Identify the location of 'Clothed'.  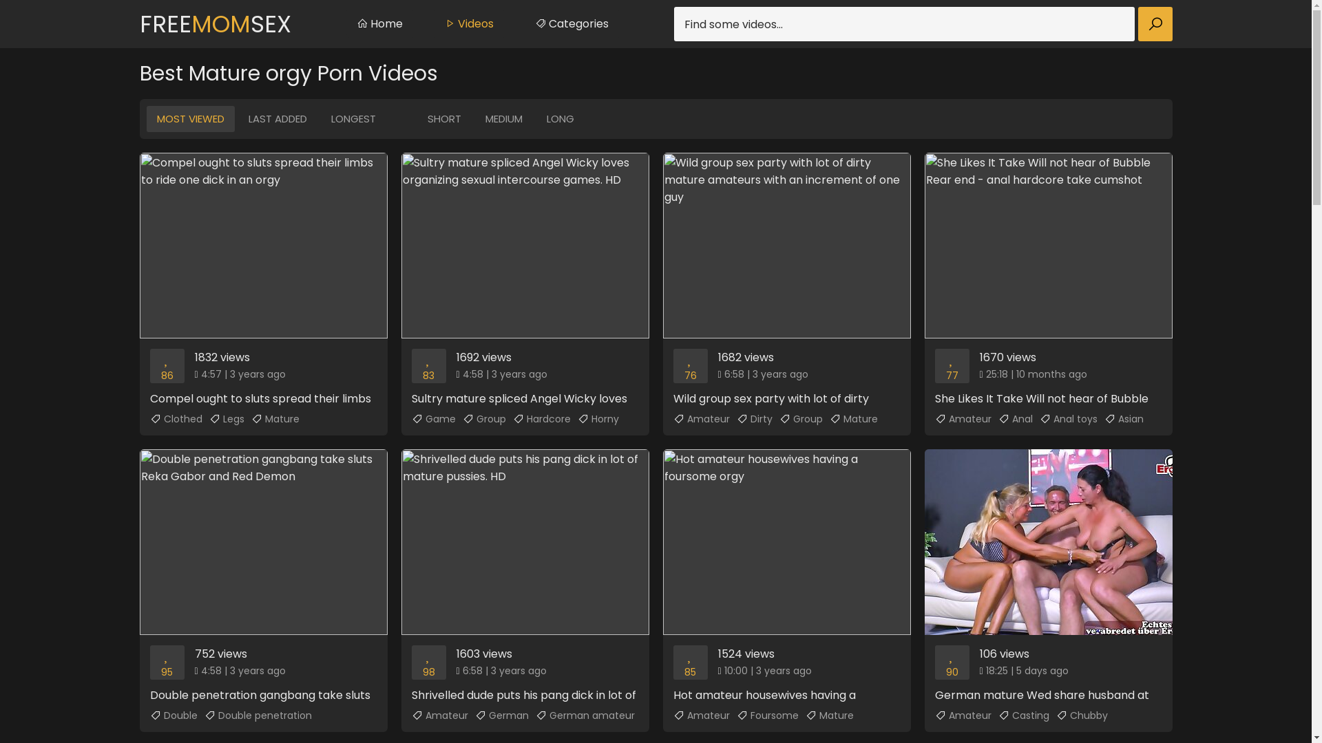
(149, 418).